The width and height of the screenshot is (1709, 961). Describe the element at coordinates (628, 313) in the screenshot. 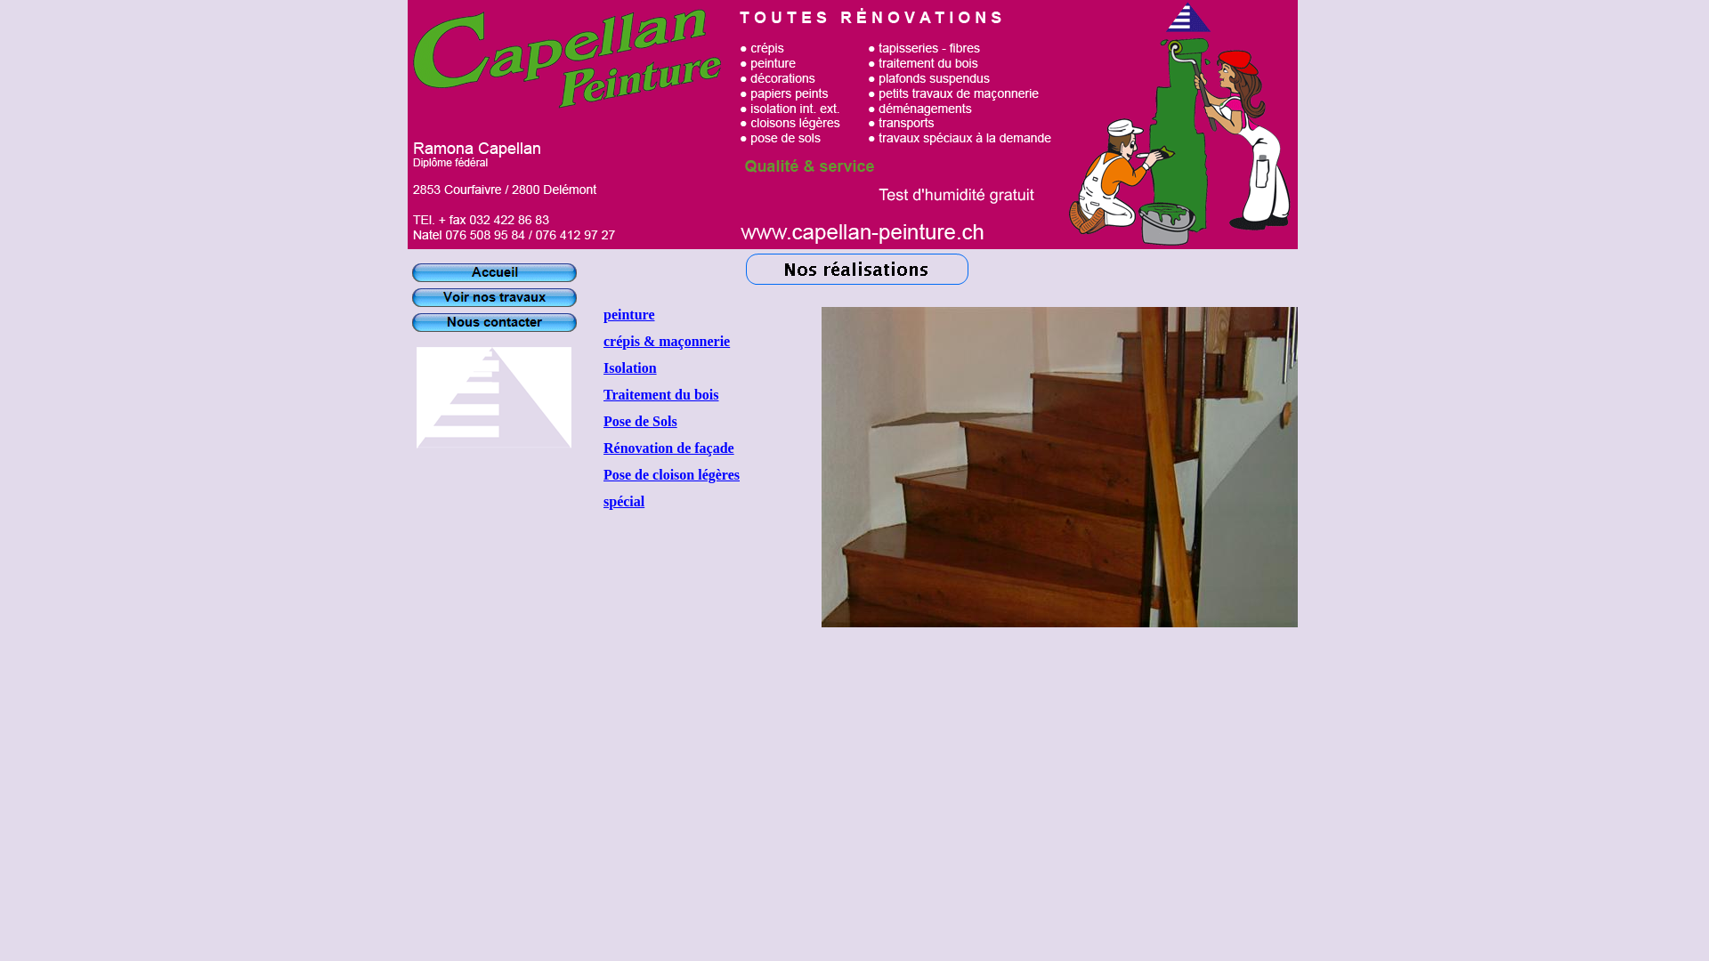

I see `'peinture'` at that location.